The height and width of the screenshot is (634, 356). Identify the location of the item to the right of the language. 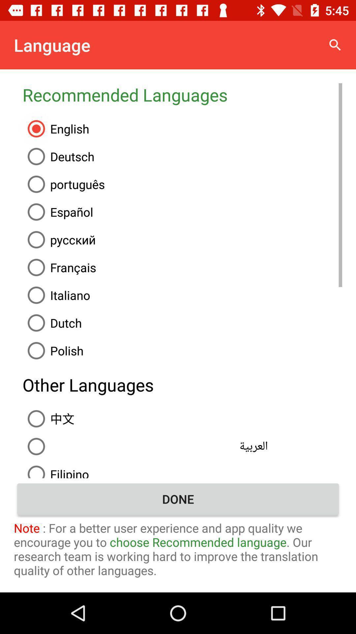
(335, 45).